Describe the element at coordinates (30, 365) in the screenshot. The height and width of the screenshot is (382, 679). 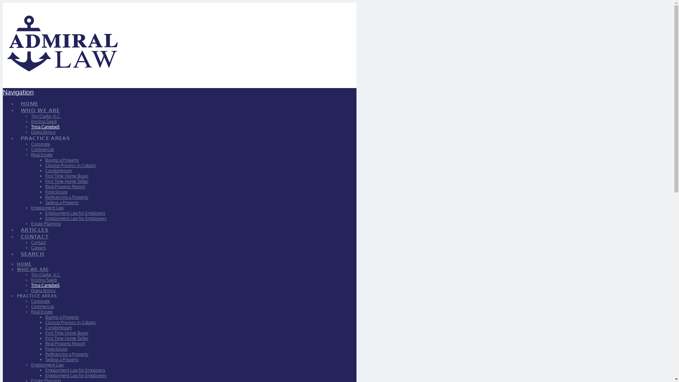
I see `'Employment Law'` at that location.